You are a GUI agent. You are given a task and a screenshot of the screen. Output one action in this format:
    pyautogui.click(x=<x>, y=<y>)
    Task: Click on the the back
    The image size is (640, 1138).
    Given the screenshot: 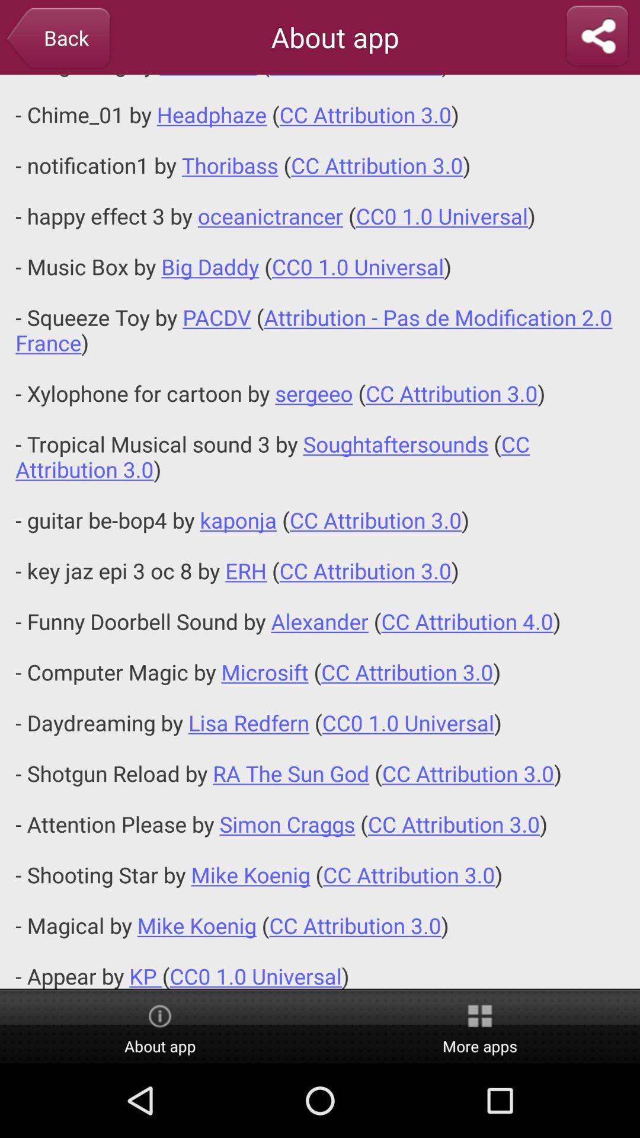 What is the action you would take?
    pyautogui.click(x=57, y=39)
    